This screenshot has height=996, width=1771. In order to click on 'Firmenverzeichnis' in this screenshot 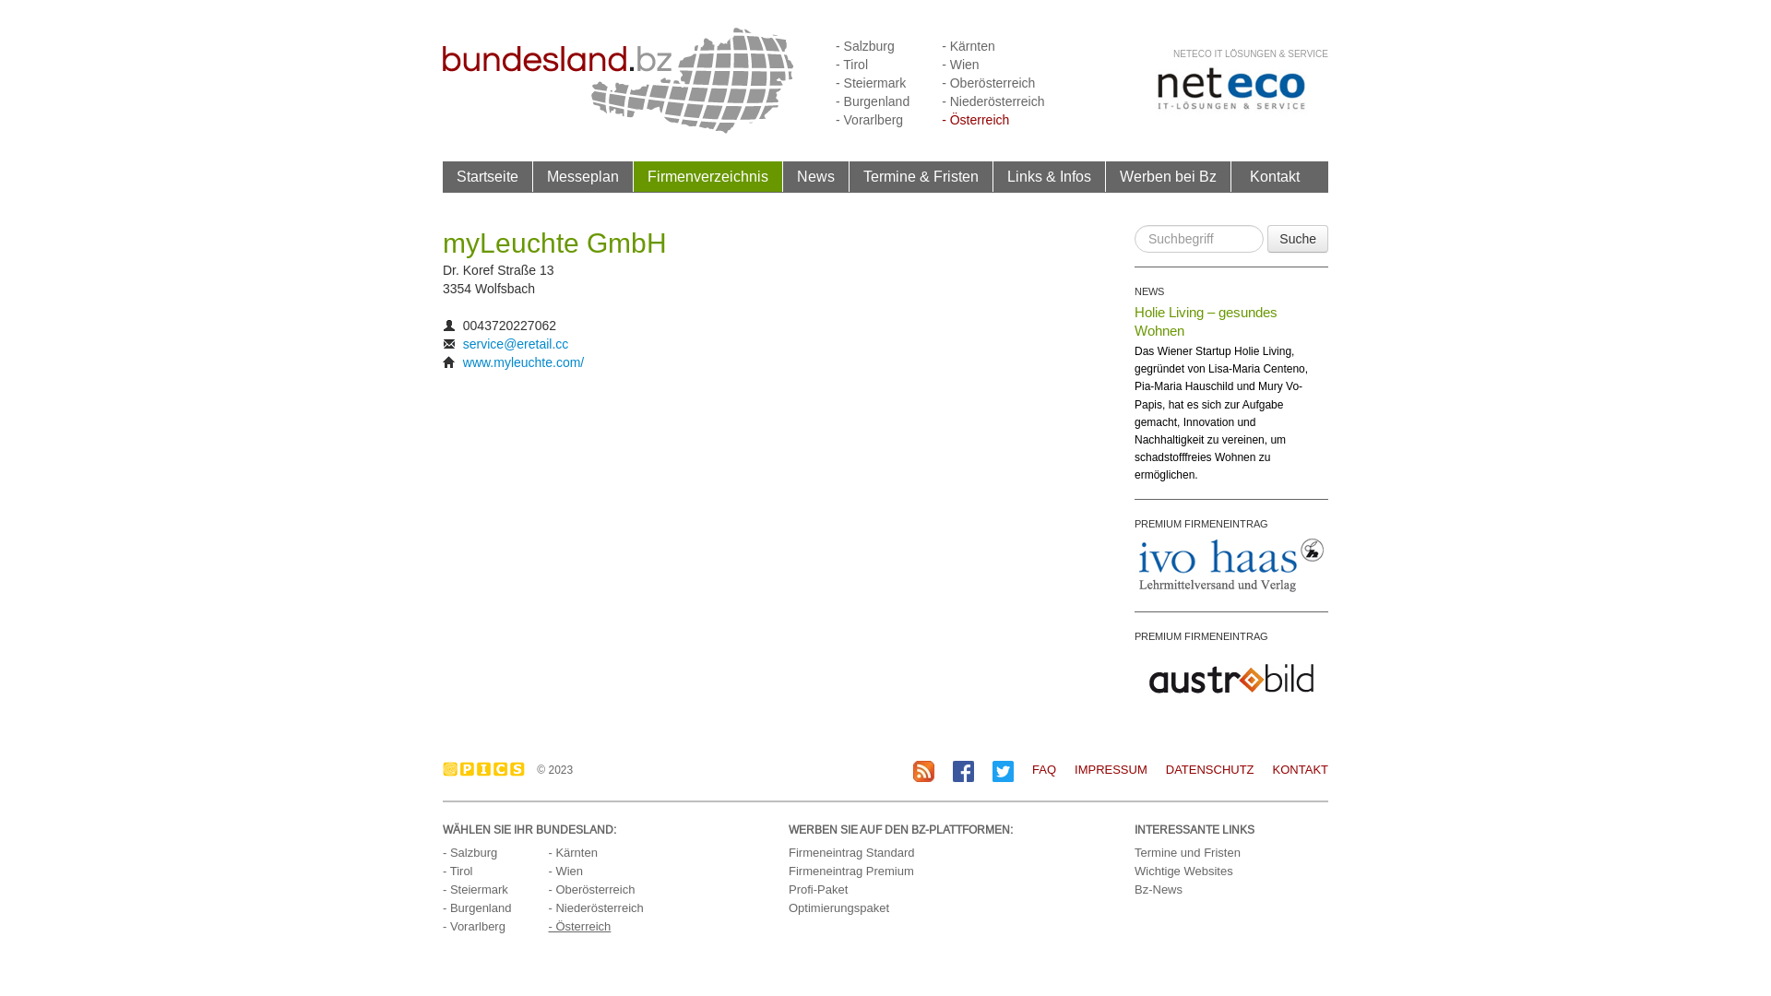, I will do `click(707, 176)`.